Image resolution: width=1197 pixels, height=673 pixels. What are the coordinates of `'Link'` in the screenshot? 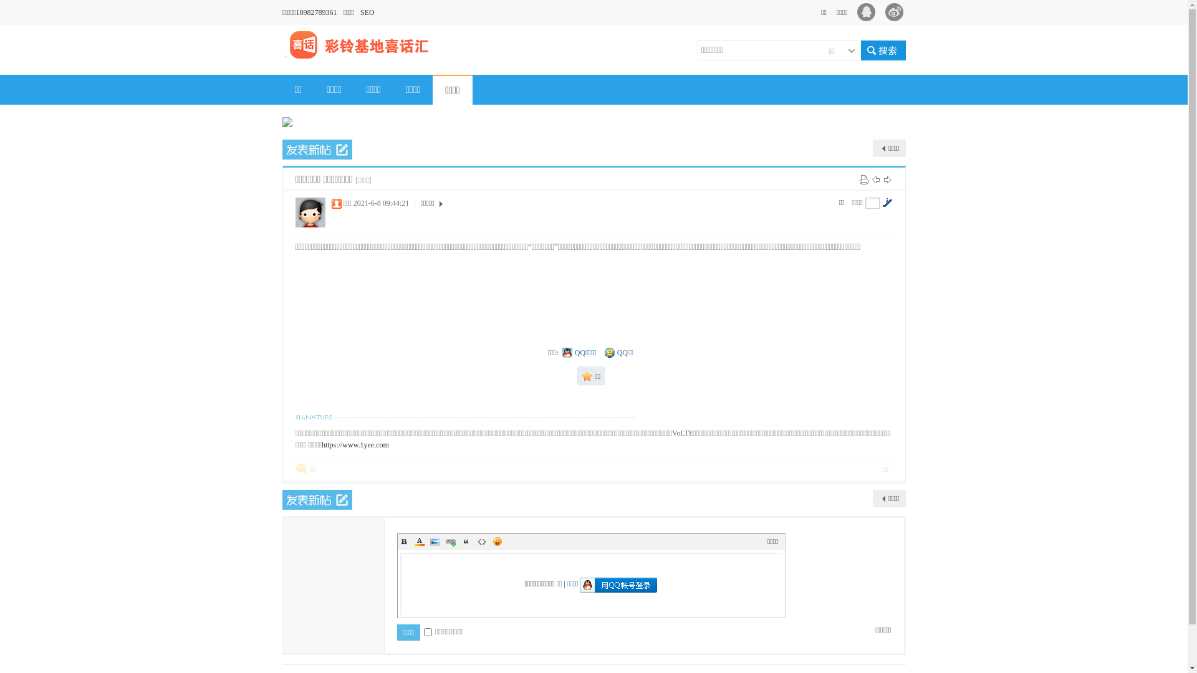 It's located at (449, 540).